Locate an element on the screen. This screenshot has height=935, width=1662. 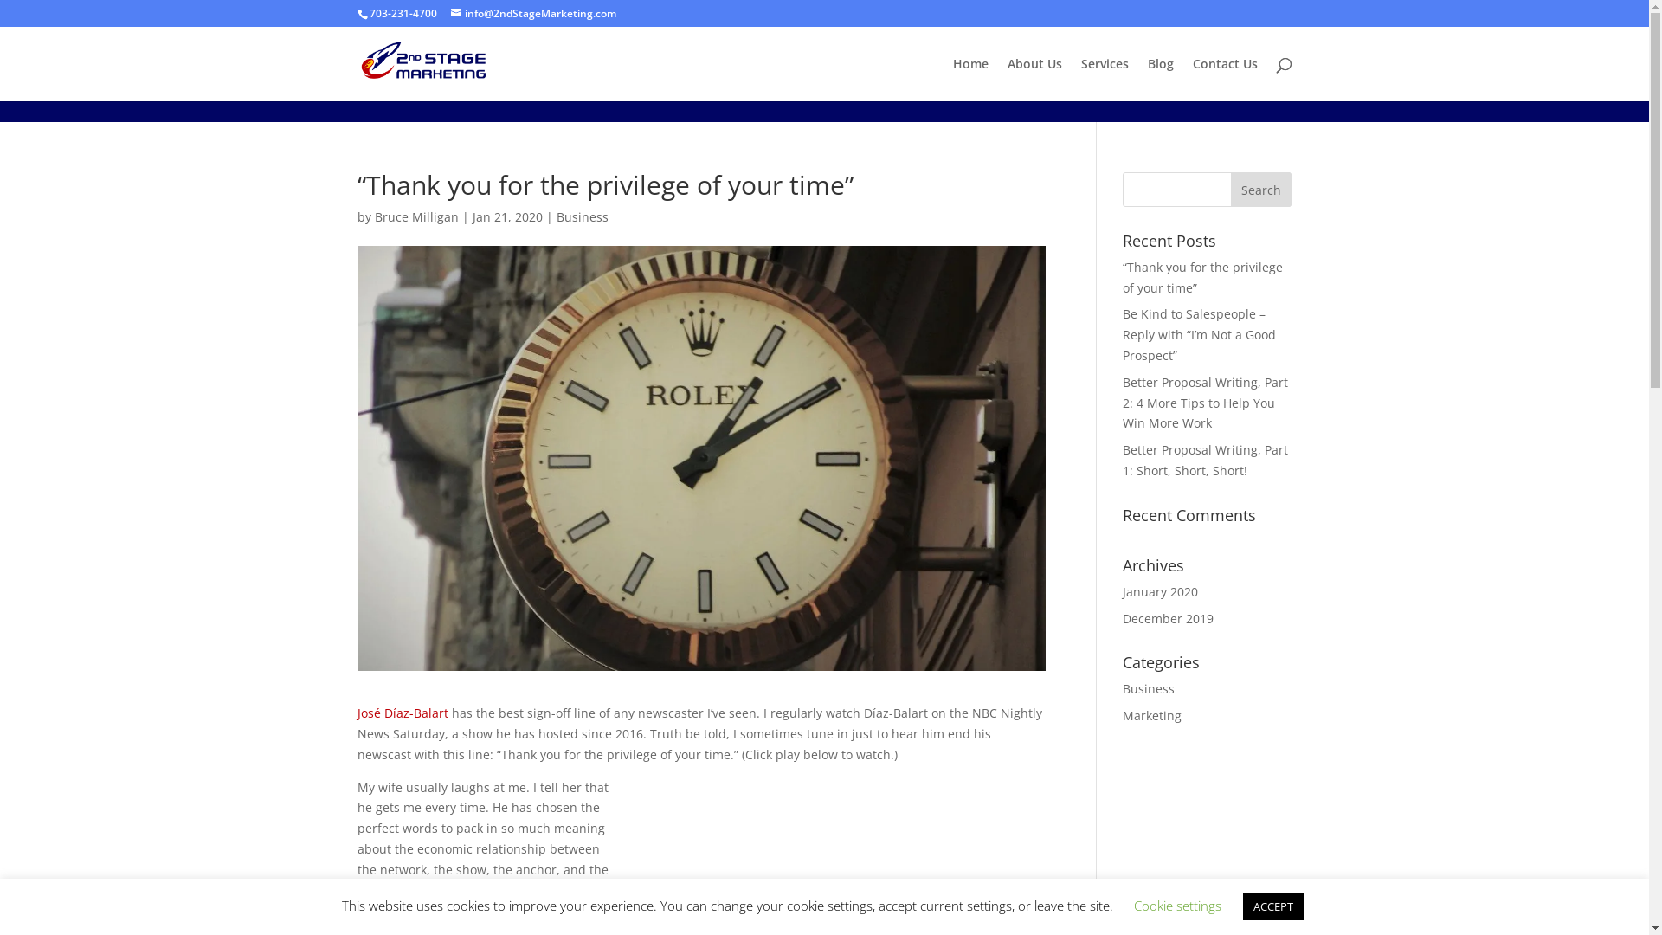
'Blog' is located at coordinates (1160, 80).